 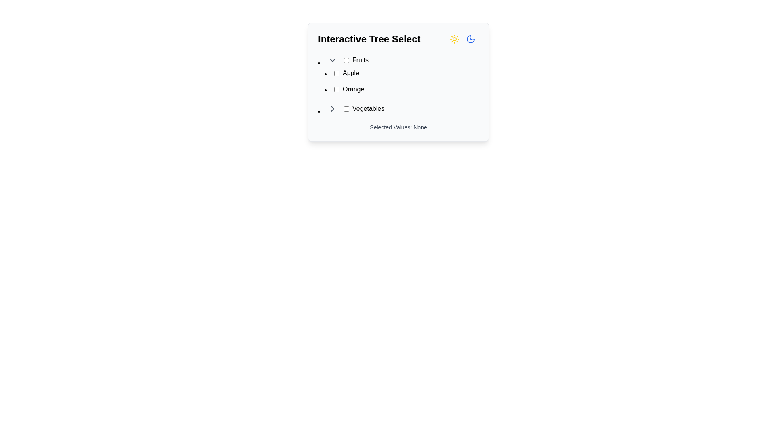 What do you see at coordinates (332, 108) in the screenshot?
I see `the toggle button located to the left of the 'Vegetables' text label, which allows users to expand or collapse the 'Vegetables' section` at bounding box center [332, 108].